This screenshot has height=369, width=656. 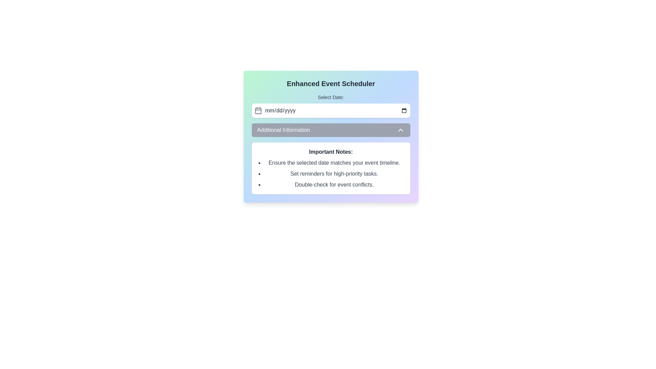 What do you see at coordinates (334, 174) in the screenshot?
I see `the text label that reads 'Set reminders for high-priority tasks.' which is the second item in the bulleted list under the 'Important Notes' section` at bounding box center [334, 174].